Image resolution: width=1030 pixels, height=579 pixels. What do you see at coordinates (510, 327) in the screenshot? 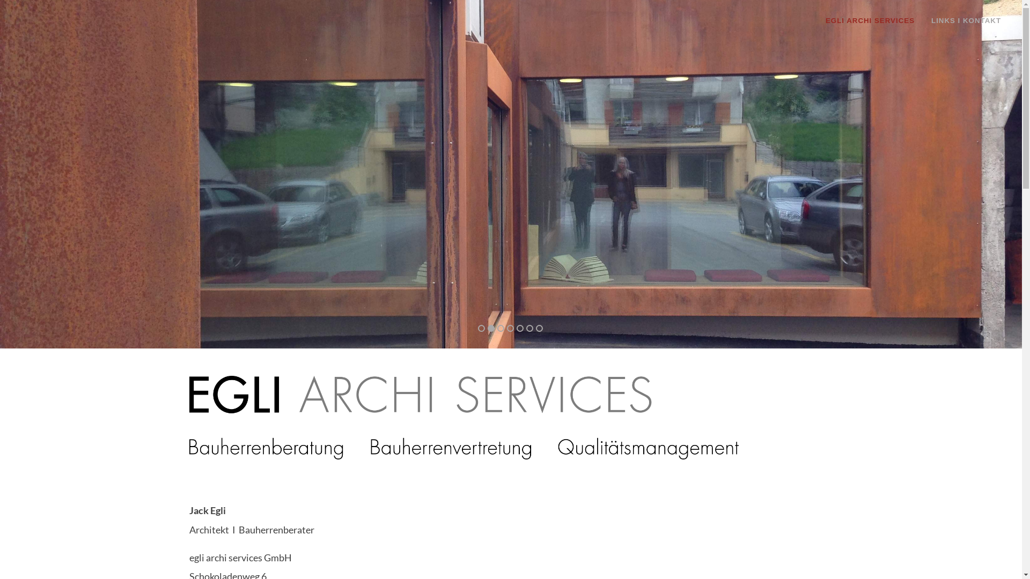
I see `'4'` at bounding box center [510, 327].